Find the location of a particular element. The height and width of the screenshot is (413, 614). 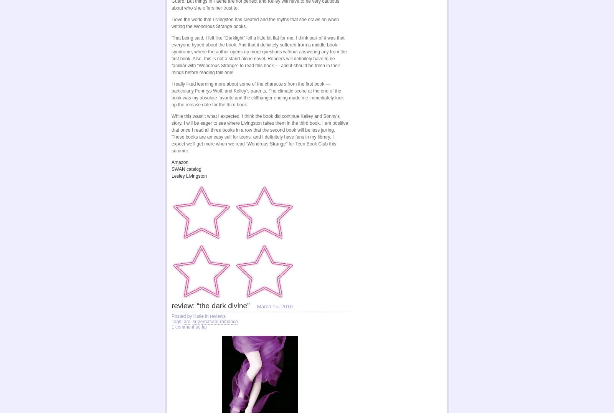

'I really liked learning more about some of the characters from the first book — particularly Fennrys Wolf, and Kelley’s parents. The climatic scene at the end of the book was my absolute favorite and the cliffhanger ending made me immediately look up the release date for the third book.' is located at coordinates (171, 94).